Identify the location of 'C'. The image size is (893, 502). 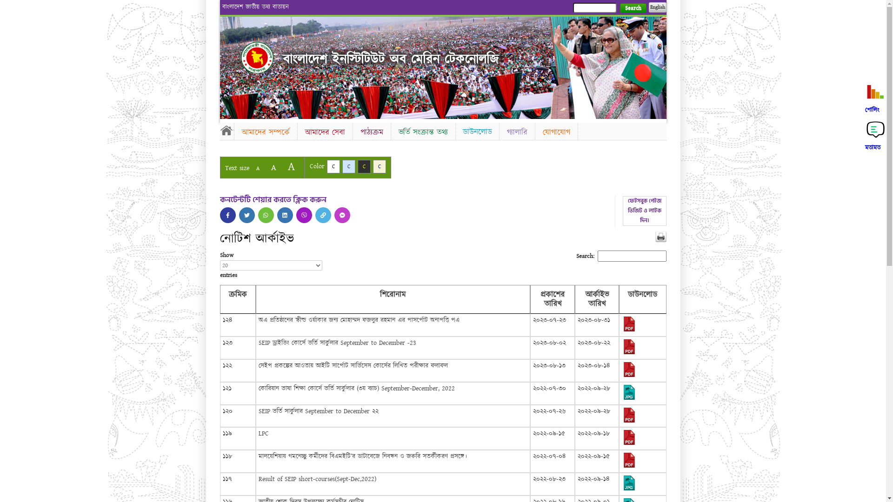
(380, 166).